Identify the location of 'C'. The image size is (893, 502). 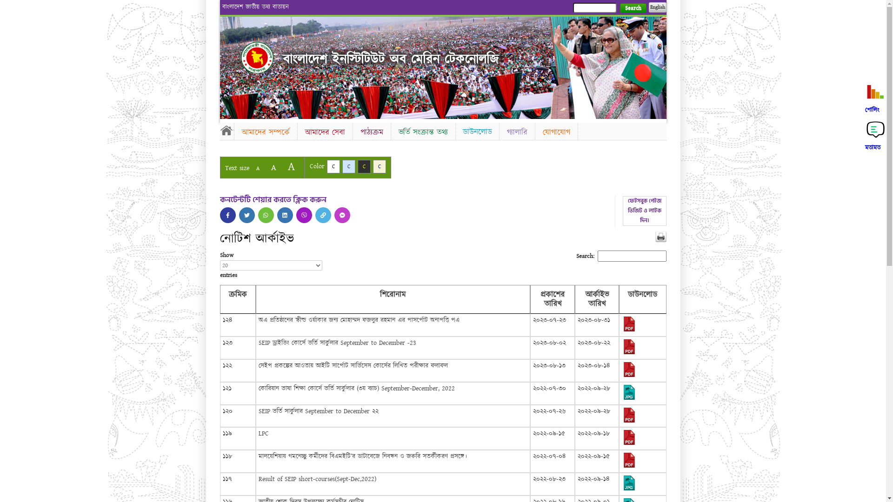
(380, 166).